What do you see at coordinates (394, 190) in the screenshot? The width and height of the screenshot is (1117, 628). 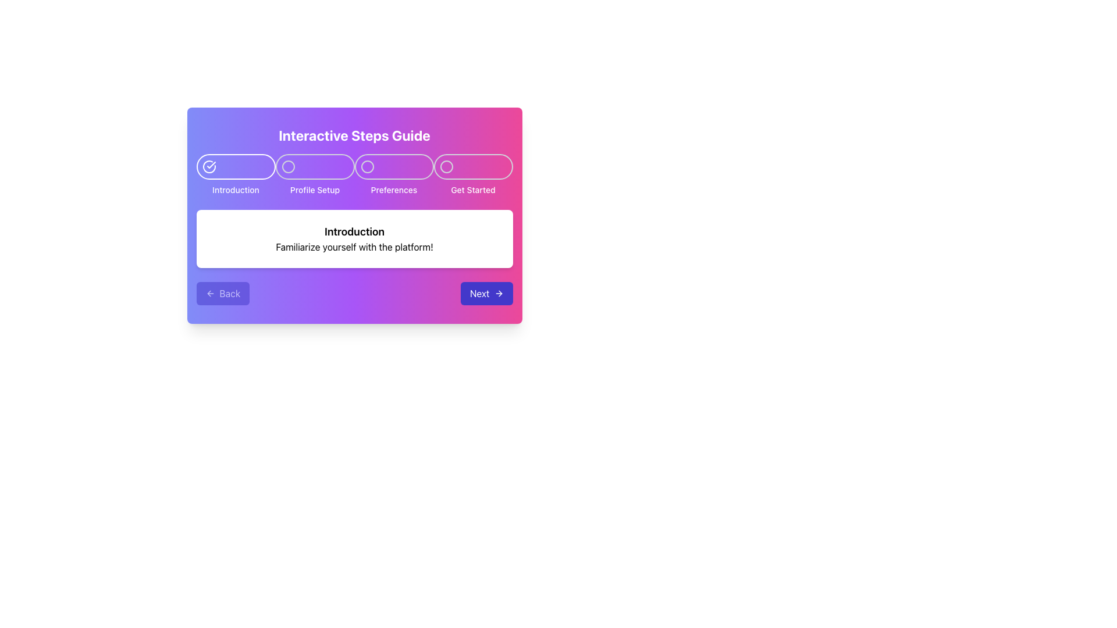 I see `the 'Preferences' text label, which is the third step in a horizontally aligned list of step items in a step-by-step guide interface` at bounding box center [394, 190].